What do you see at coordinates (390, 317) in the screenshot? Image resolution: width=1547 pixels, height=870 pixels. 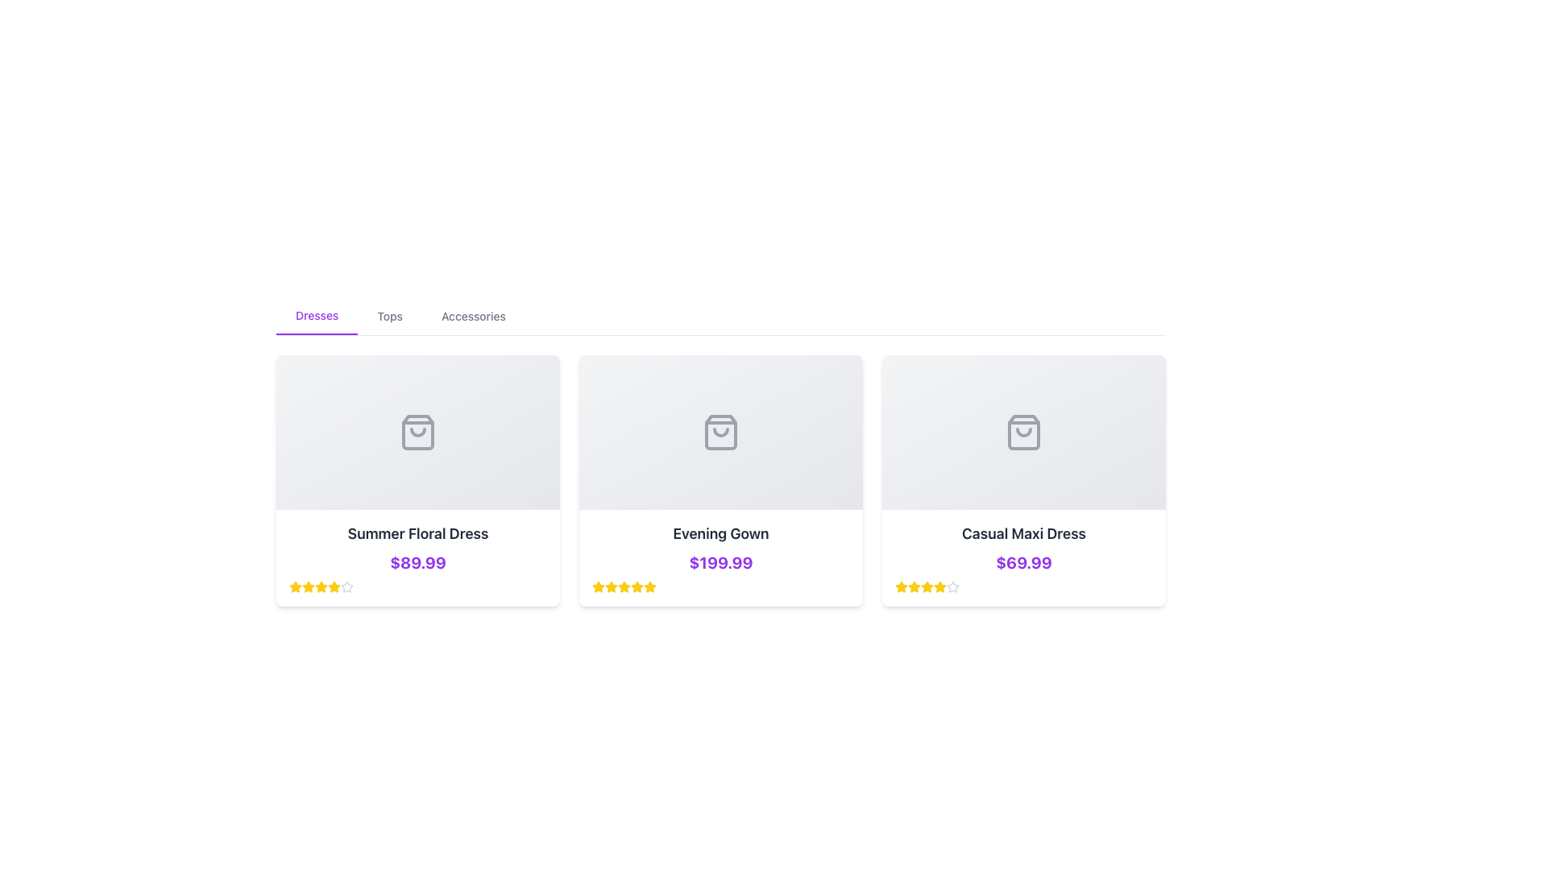 I see `the 'Tops' navigation tab` at bounding box center [390, 317].